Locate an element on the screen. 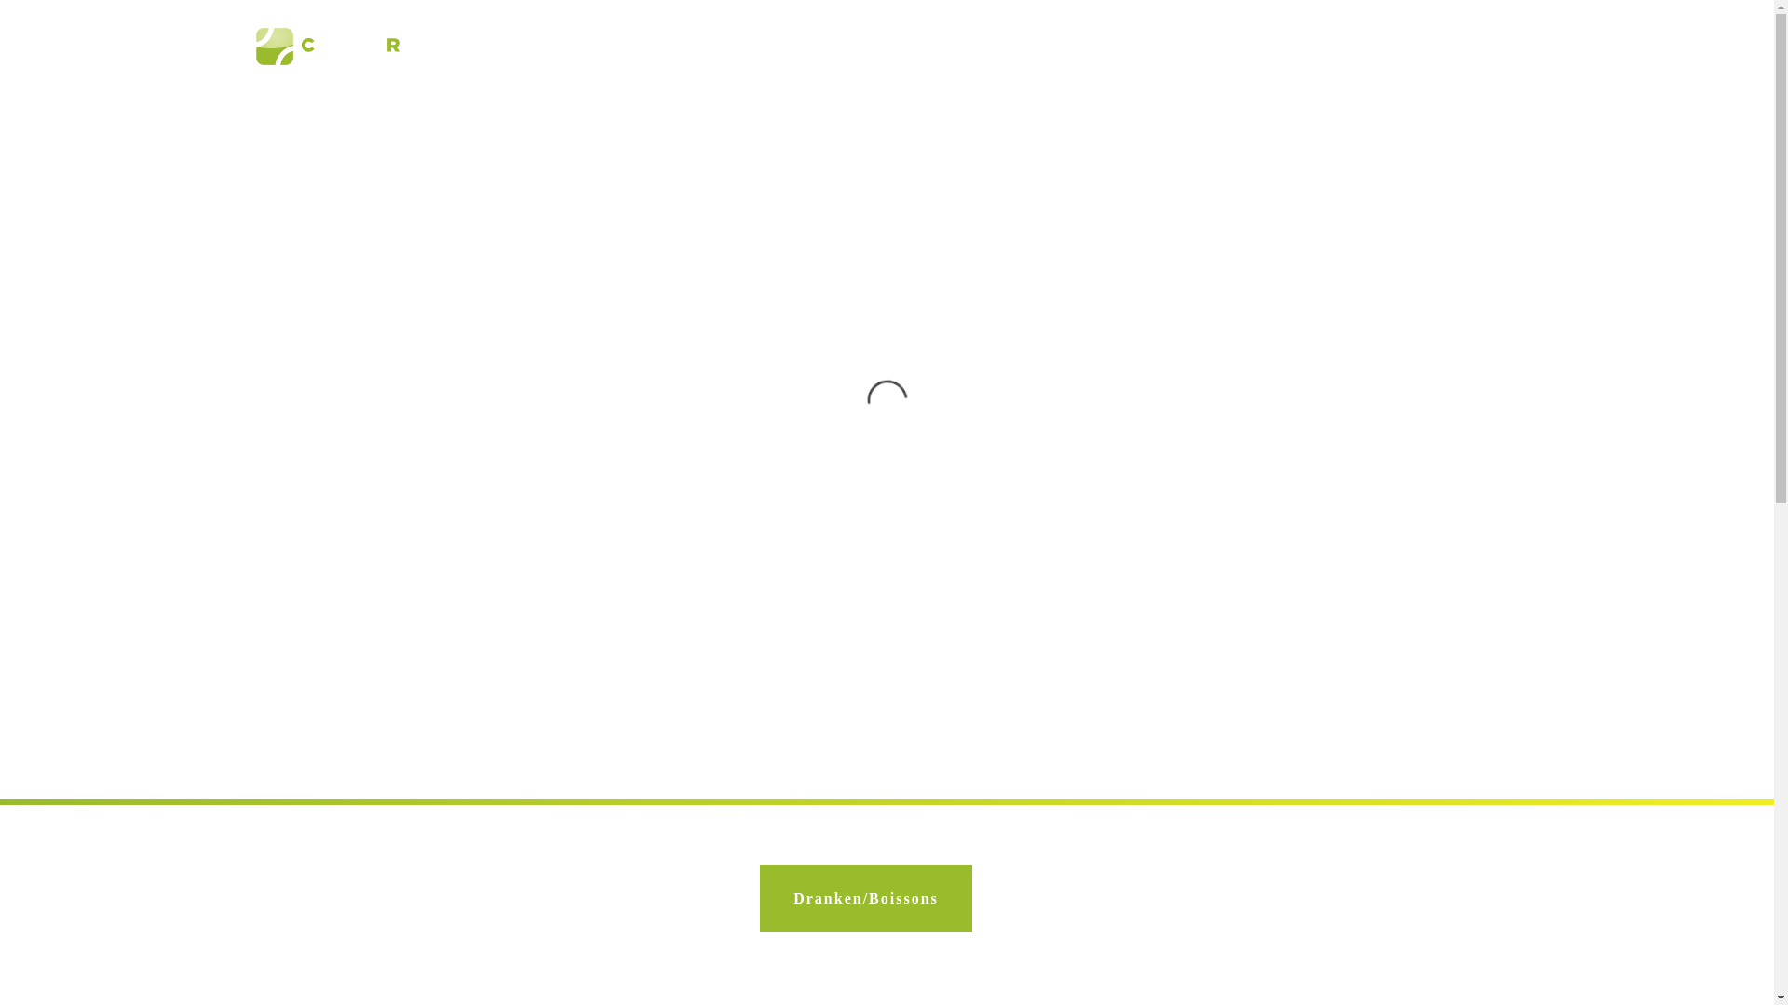  'Dranken/Boissons' is located at coordinates (865, 897).